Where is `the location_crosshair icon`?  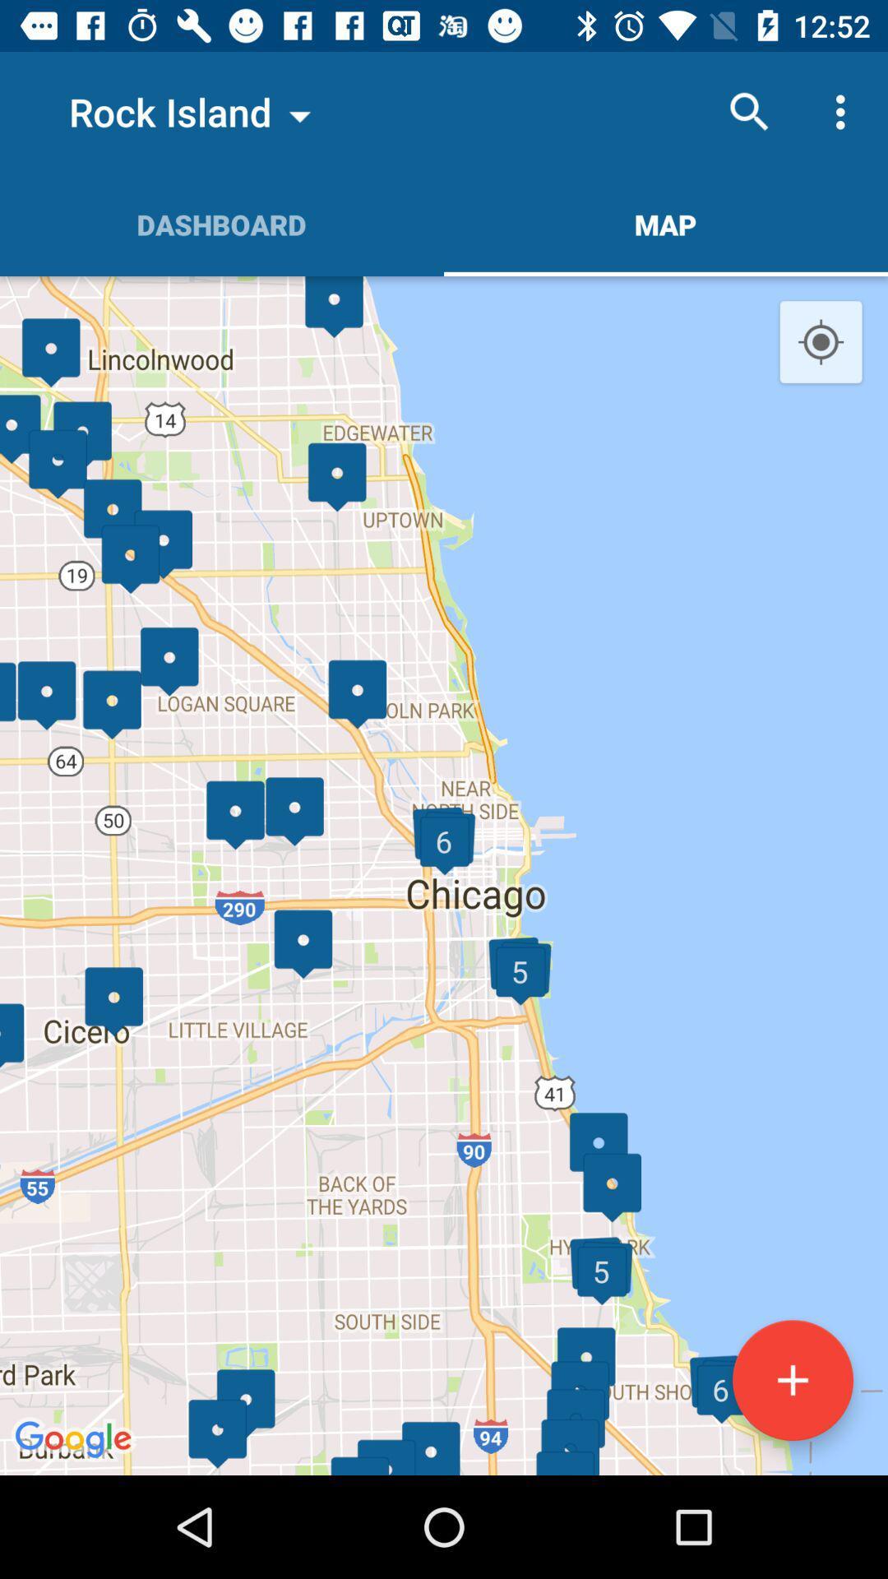
the location_crosshair icon is located at coordinates (821, 342).